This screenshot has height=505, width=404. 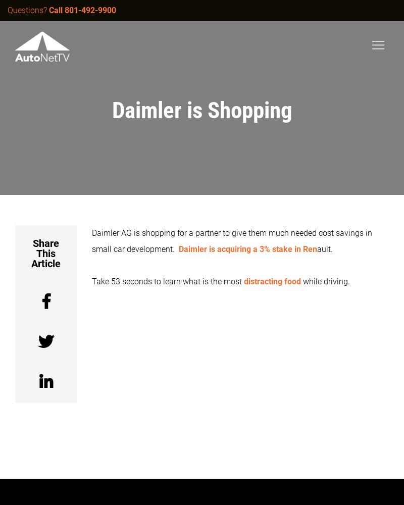 What do you see at coordinates (248, 248) in the screenshot?
I see `'Daimler is acquiring a 3% stake in Ren'` at bounding box center [248, 248].